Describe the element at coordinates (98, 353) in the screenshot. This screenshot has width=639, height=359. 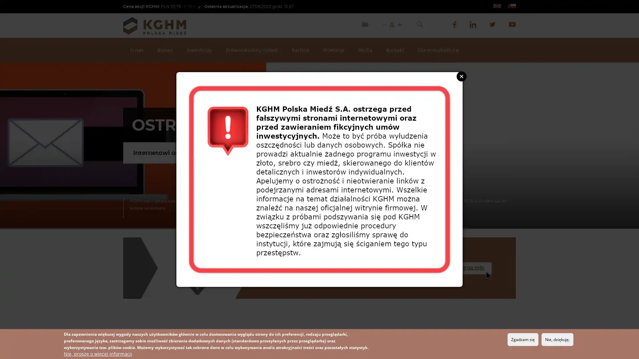
I see `Nie, prosze o wiecej informacji` at that location.